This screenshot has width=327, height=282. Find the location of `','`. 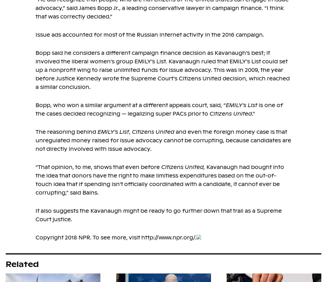

',' is located at coordinates (130, 131).